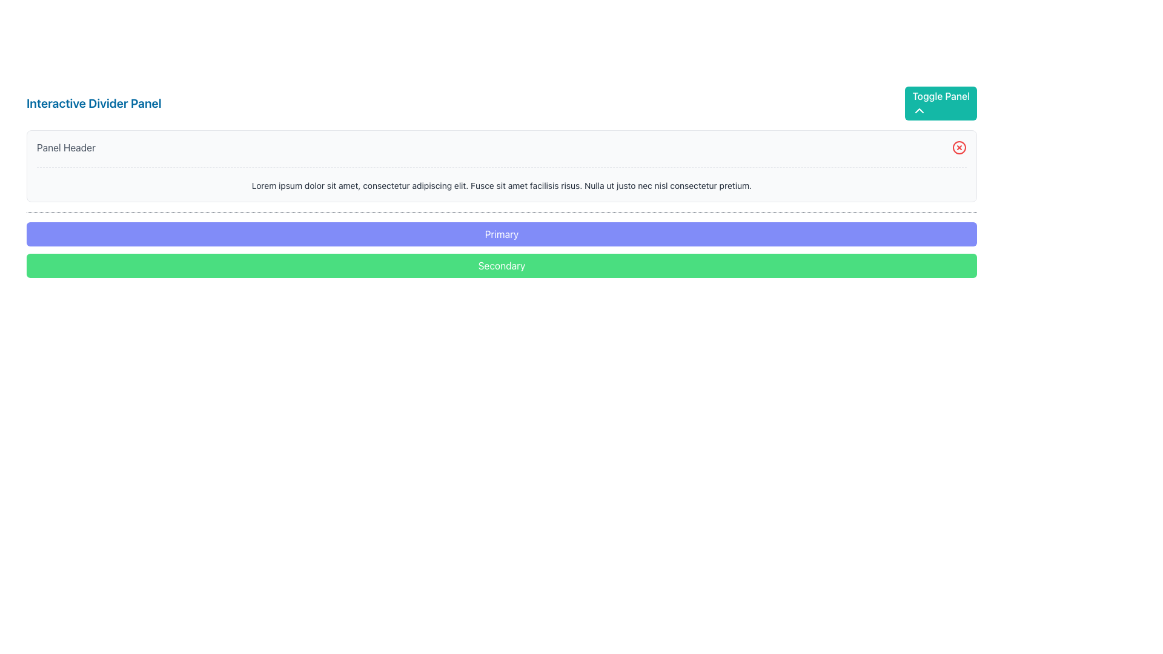 This screenshot has width=1163, height=654. I want to click on the toggle button located to the far right of the 'Interactive Divider Panel', so click(940, 102).